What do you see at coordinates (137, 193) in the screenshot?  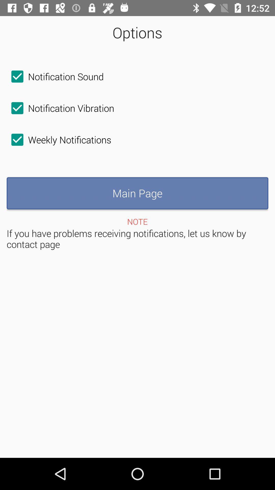 I see `icon above note` at bounding box center [137, 193].